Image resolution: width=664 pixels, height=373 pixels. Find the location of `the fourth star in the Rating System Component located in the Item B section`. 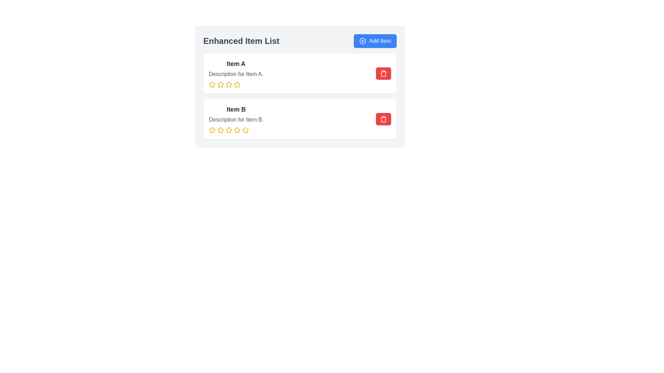

the fourth star in the Rating System Component located in the Item B section is located at coordinates (236, 130).